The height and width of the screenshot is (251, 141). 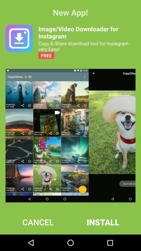 What do you see at coordinates (103, 222) in the screenshot?
I see `icon next to the cancel icon` at bounding box center [103, 222].